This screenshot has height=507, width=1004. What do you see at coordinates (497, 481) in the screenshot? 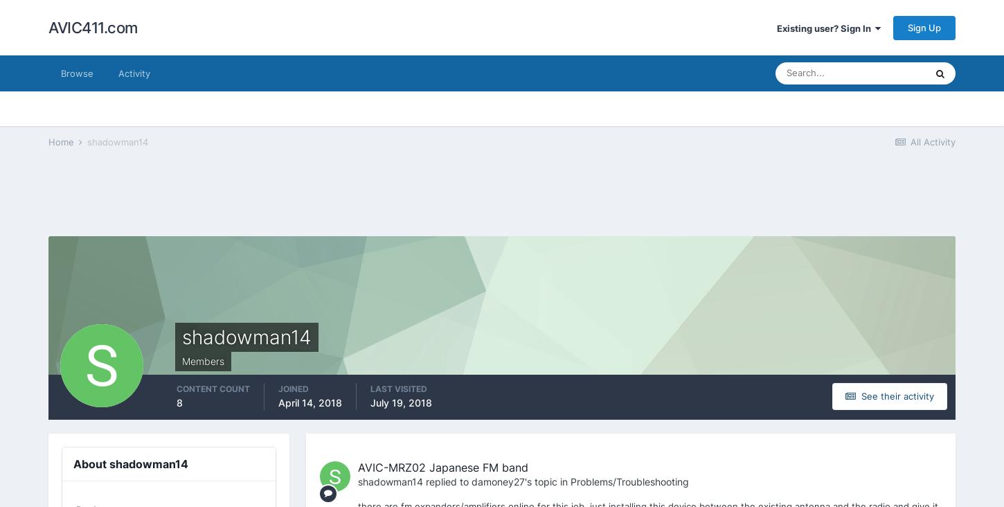
I see `'damoney27'` at bounding box center [497, 481].